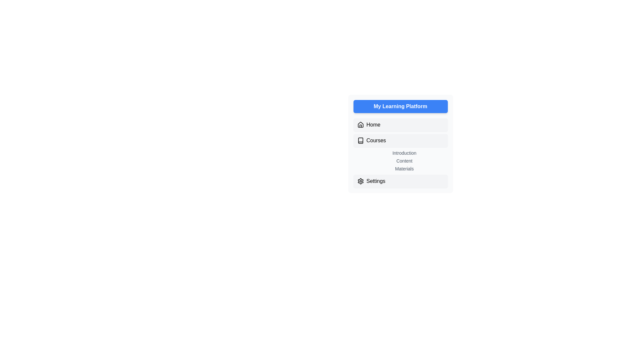 The width and height of the screenshot is (629, 354). I want to click on the vertical link menu located in the 'Courses' section, beneath the 'Courses' heading, so click(404, 161).